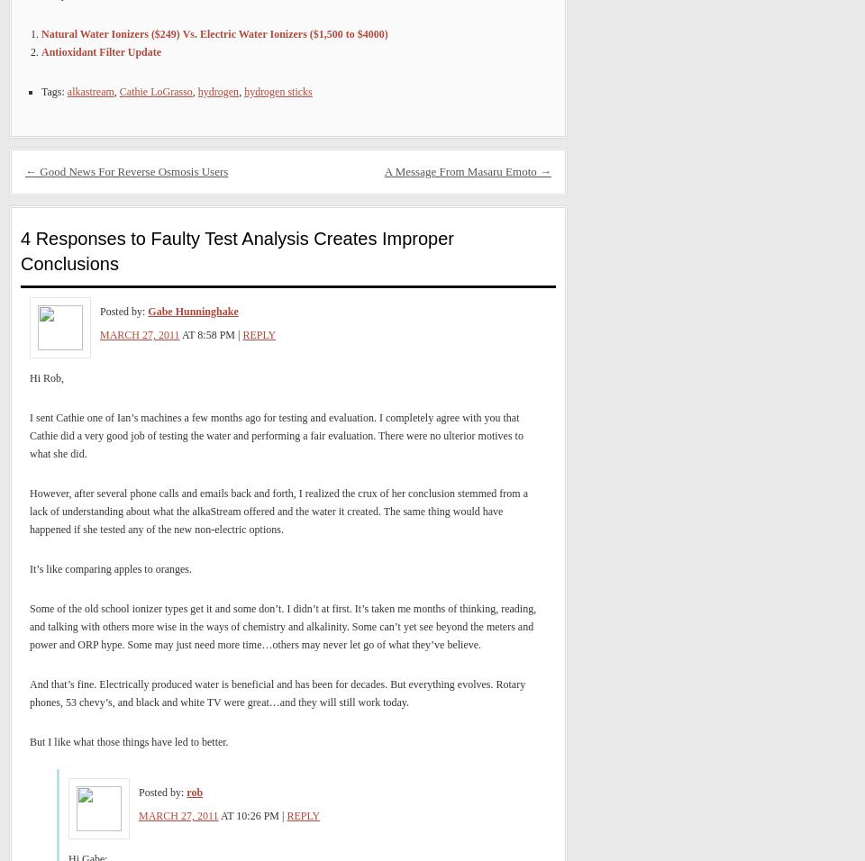  What do you see at coordinates (35, 171) in the screenshot?
I see `'Good News For Reverse Osmosis Users'` at bounding box center [35, 171].